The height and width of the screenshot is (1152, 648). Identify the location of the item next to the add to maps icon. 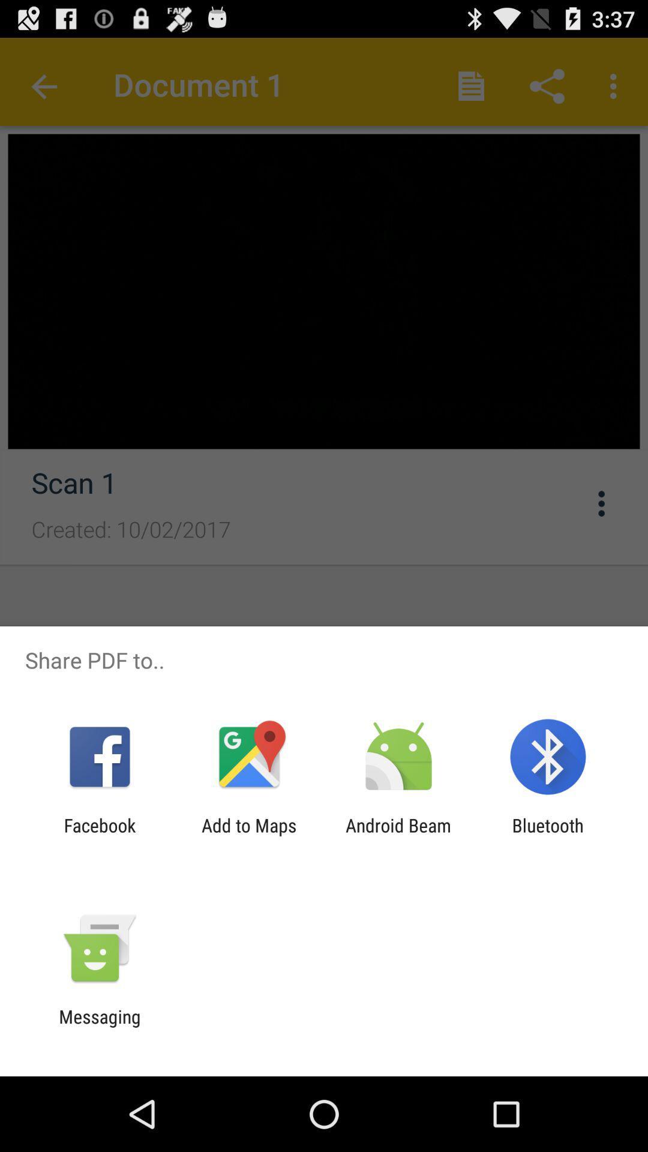
(398, 835).